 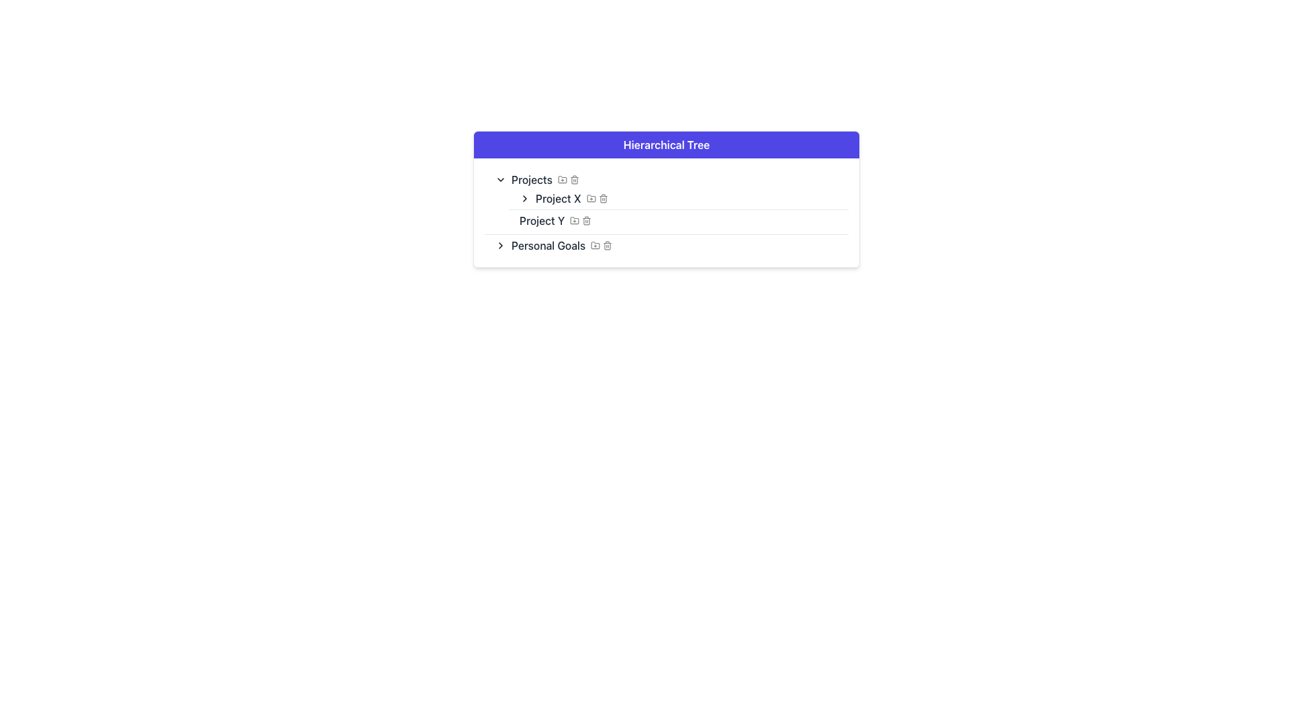 I want to click on the 'Project Y' text label, which is the second item under the 'Projects' section in the hierarchical tree structure, so click(x=542, y=220).